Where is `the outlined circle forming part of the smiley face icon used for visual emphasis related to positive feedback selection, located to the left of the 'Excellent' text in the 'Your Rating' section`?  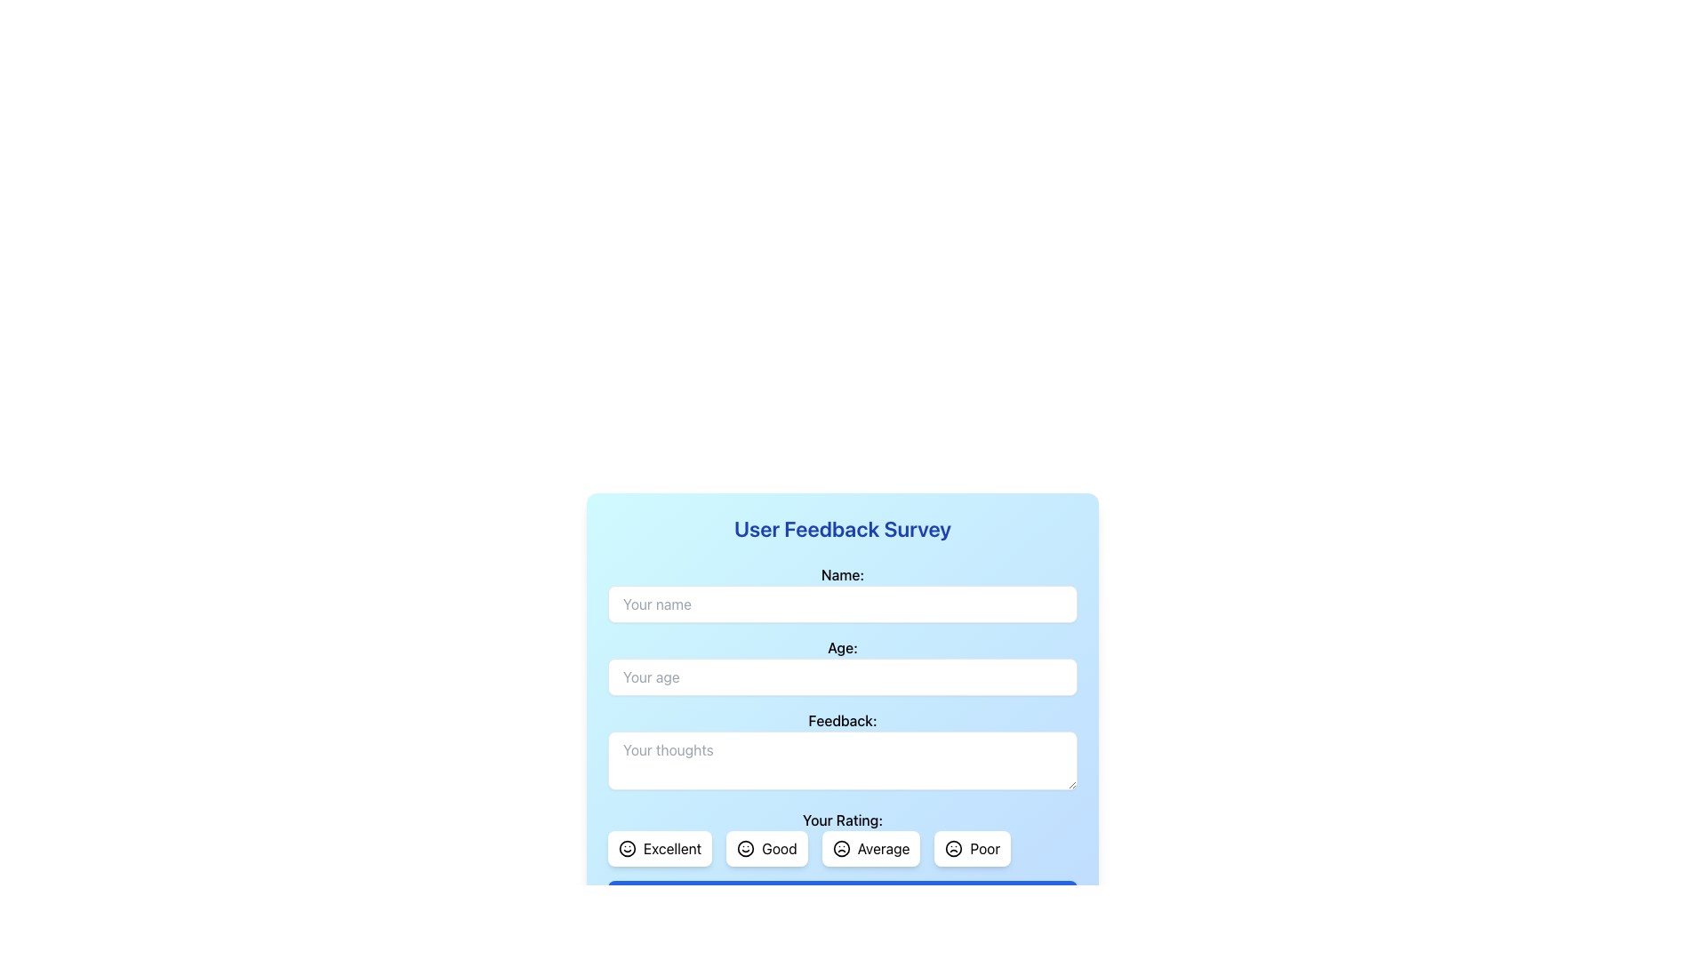 the outlined circle forming part of the smiley face icon used for visual emphasis related to positive feedback selection, located to the left of the 'Excellent' text in the 'Your Rating' section is located at coordinates (627, 848).